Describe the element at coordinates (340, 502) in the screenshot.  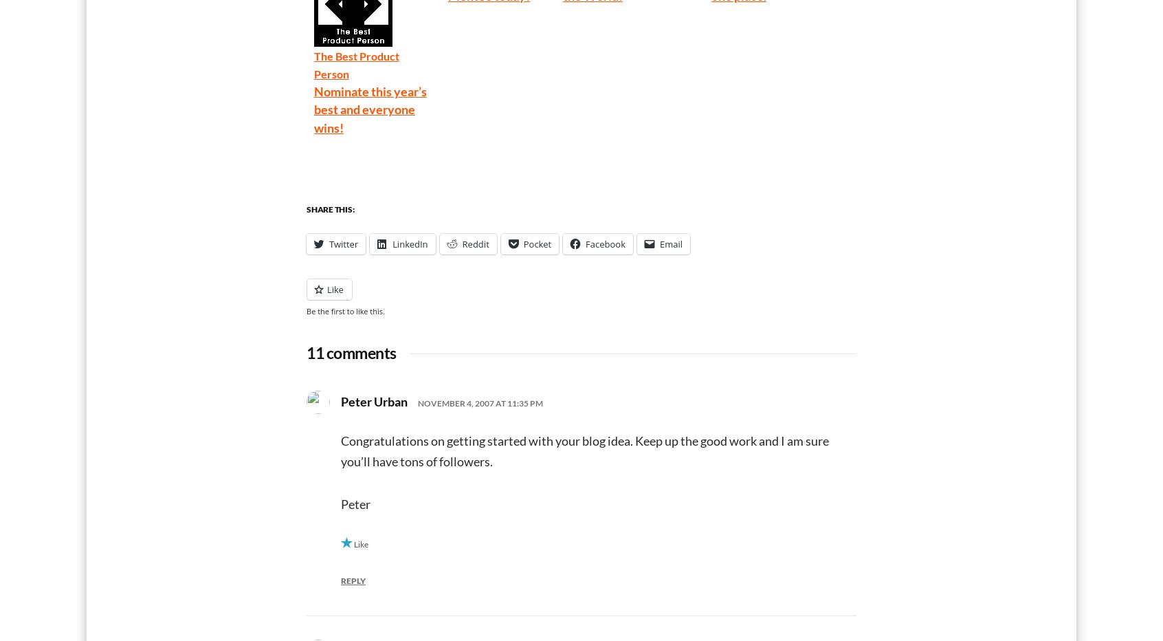
I see `'Peter'` at that location.